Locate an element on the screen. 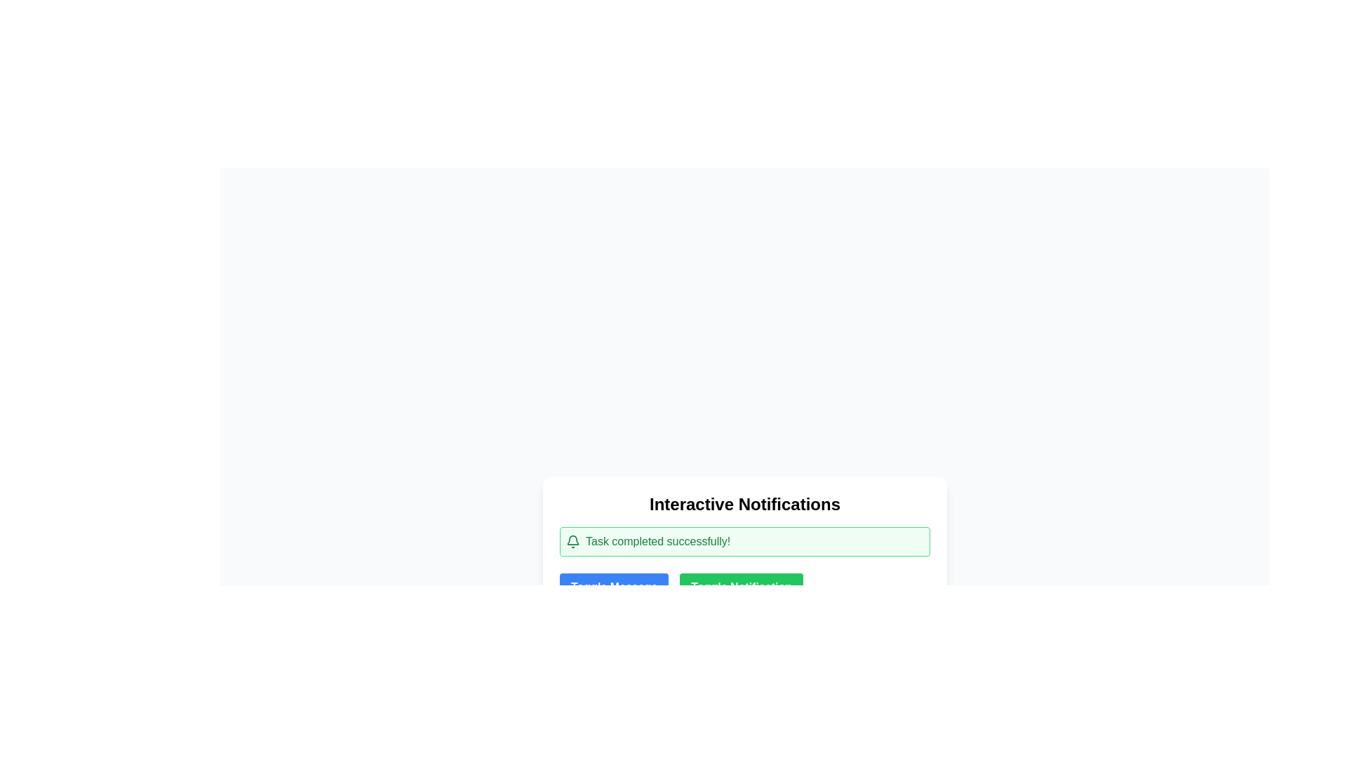 The height and width of the screenshot is (758, 1347). the button with a green background and white text labeled 'Toggle Notification' is located at coordinates (741, 587).